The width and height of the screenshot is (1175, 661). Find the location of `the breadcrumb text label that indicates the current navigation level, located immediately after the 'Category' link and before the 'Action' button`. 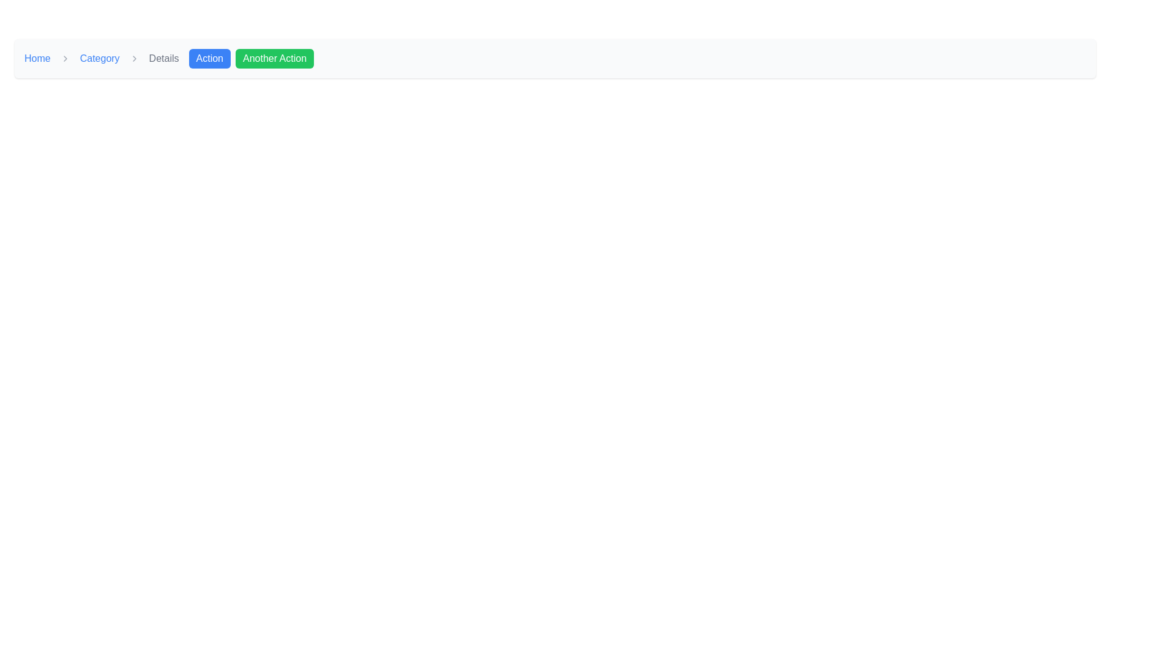

the breadcrumb text label that indicates the current navigation level, located immediately after the 'Category' link and before the 'Action' button is located at coordinates (163, 59).